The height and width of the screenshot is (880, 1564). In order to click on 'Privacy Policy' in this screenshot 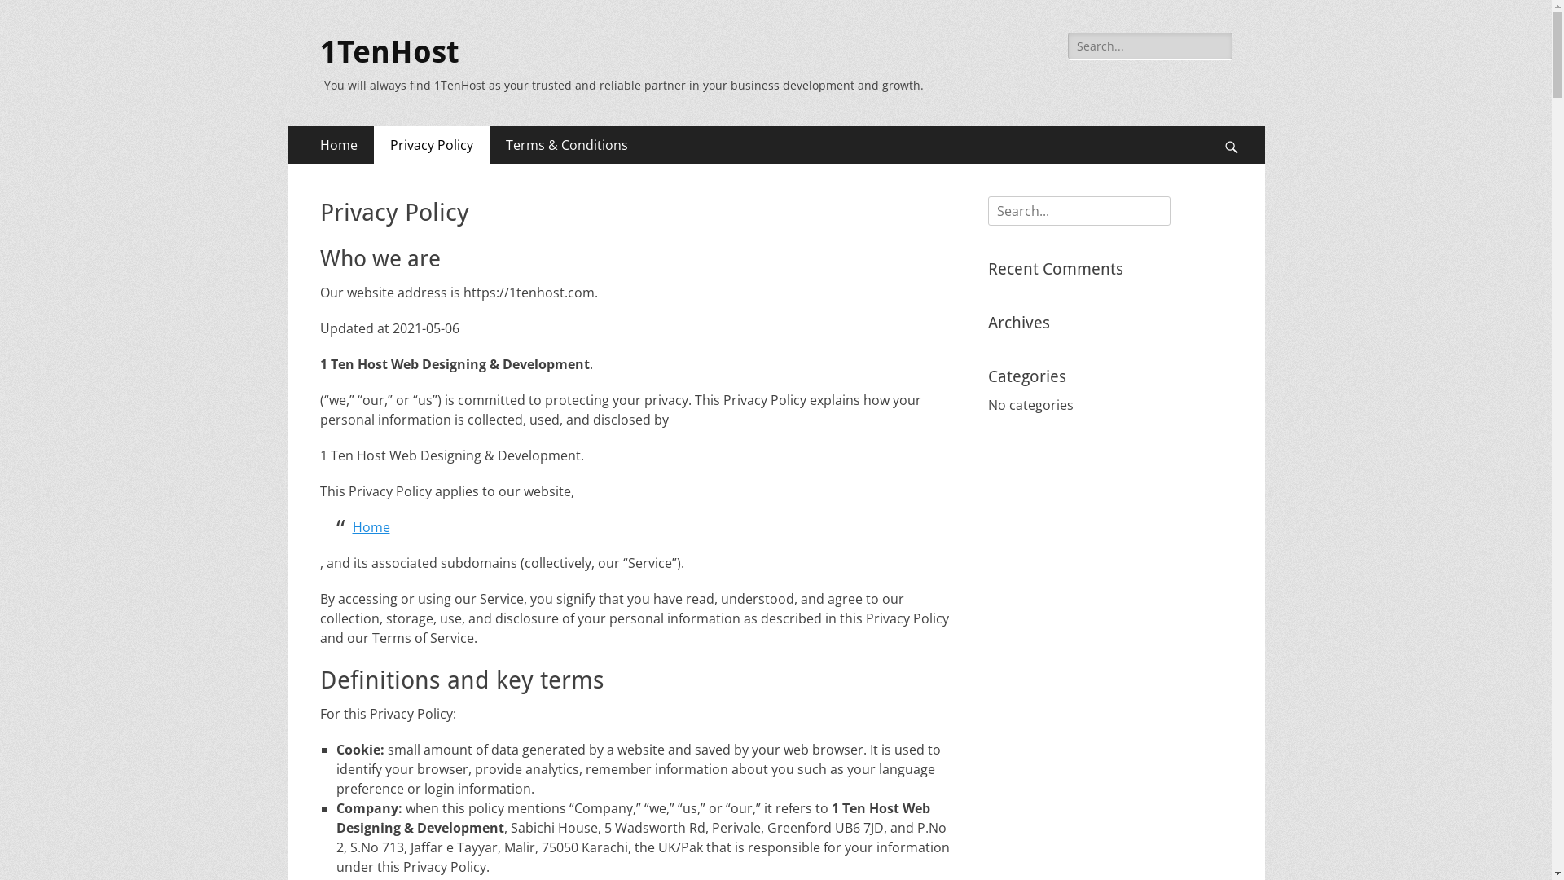, I will do `click(371, 143)`.